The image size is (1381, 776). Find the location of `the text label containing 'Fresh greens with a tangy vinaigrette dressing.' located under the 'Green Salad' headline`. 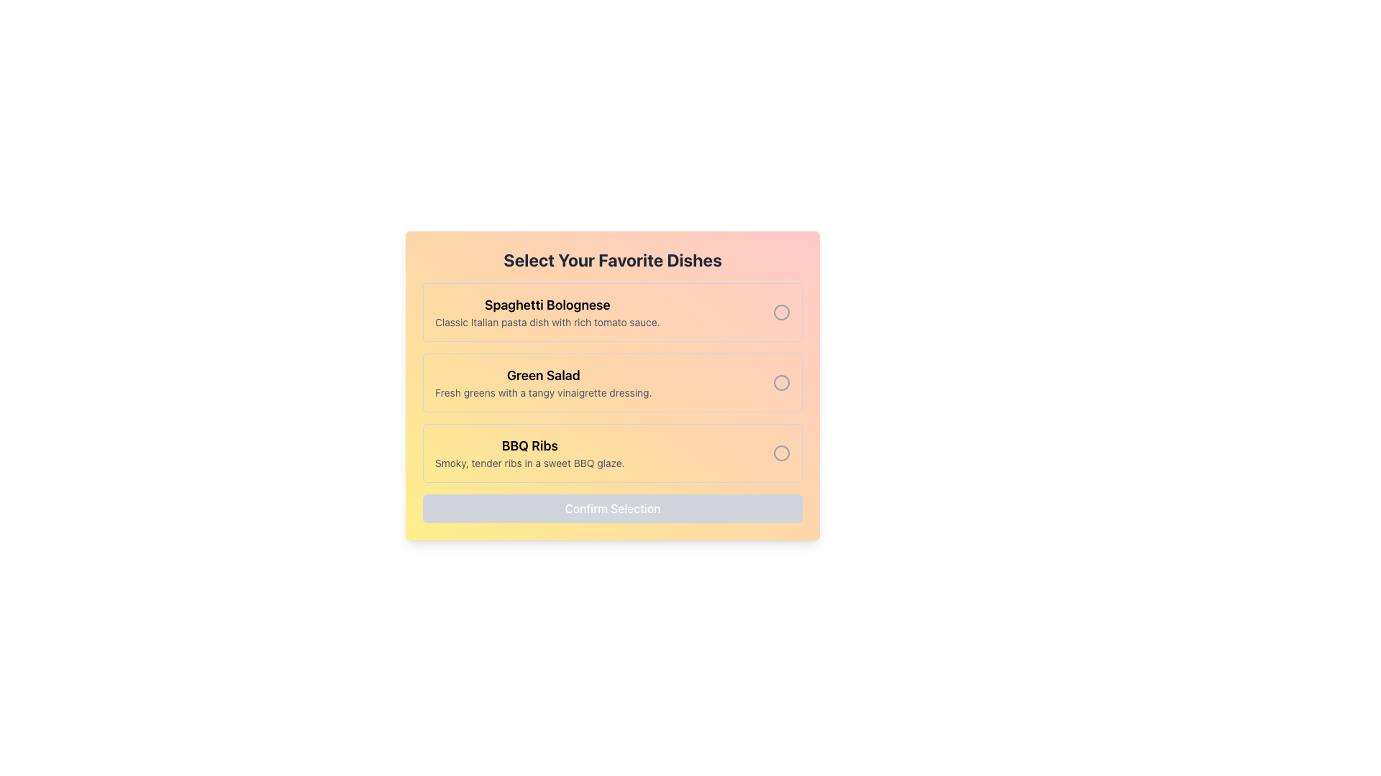

the text label containing 'Fresh greens with a tangy vinaigrette dressing.' located under the 'Green Salad' headline is located at coordinates (542, 393).